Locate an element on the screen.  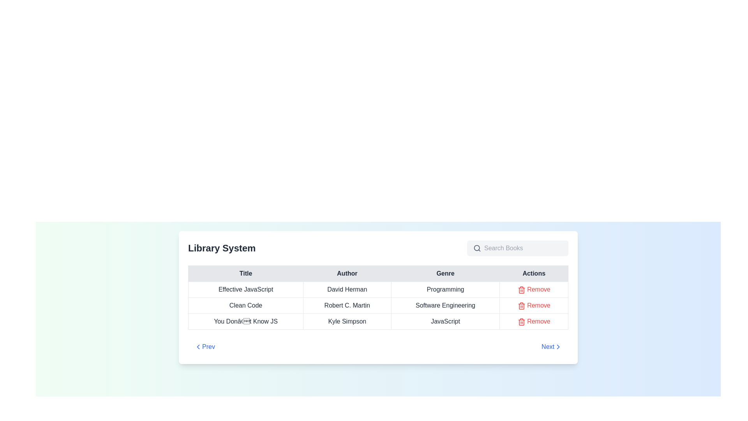
the 'Next' button, which is styled in blue with a right-pointing chevron icon, located at the bottom-right corner of the library system navigation section is located at coordinates (551, 347).